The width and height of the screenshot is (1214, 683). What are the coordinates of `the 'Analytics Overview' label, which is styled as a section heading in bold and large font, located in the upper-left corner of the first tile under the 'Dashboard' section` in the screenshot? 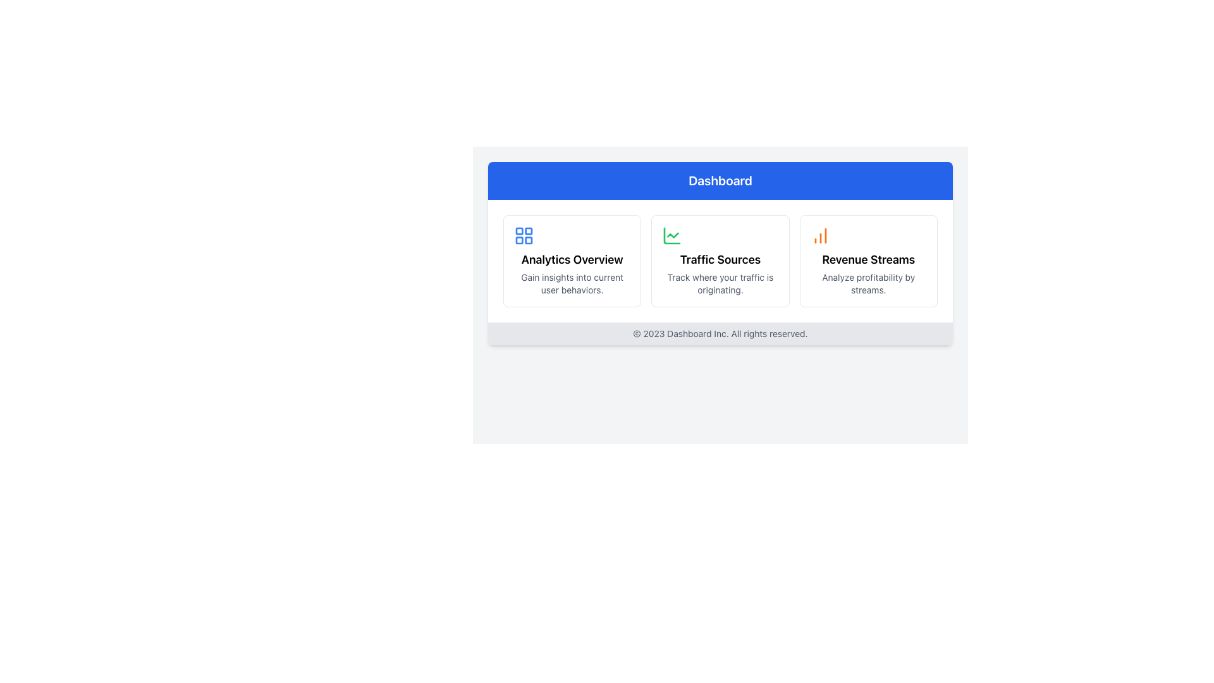 It's located at (572, 259).